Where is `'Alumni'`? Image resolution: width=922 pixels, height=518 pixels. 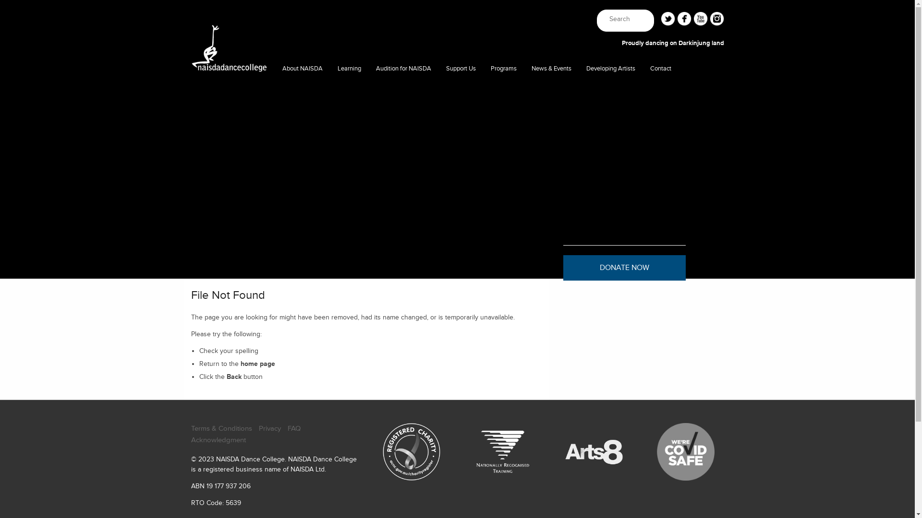 'Alumni' is located at coordinates (578, 108).